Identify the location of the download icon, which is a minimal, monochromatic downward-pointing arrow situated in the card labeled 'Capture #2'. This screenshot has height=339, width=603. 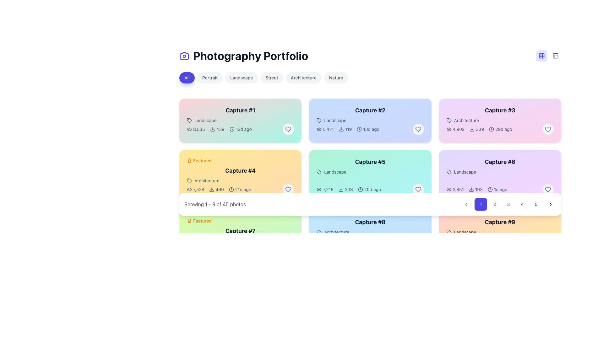
(341, 129).